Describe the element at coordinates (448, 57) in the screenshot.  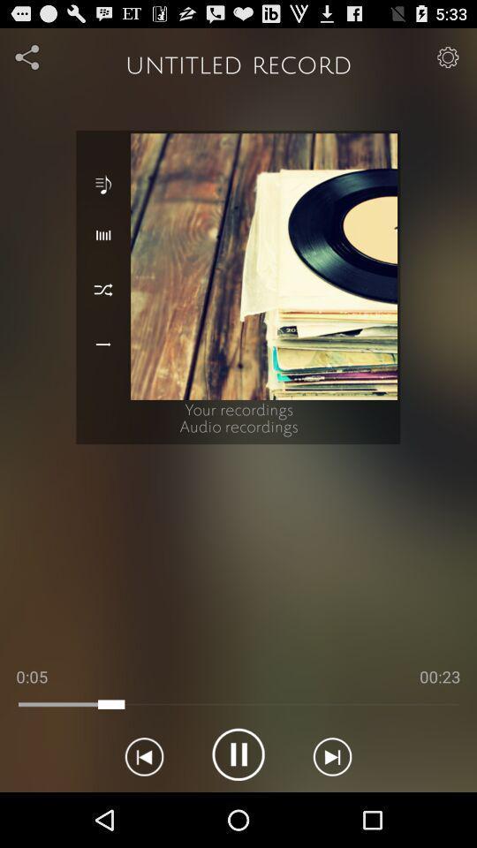
I see `settings icon in top right corner` at that location.